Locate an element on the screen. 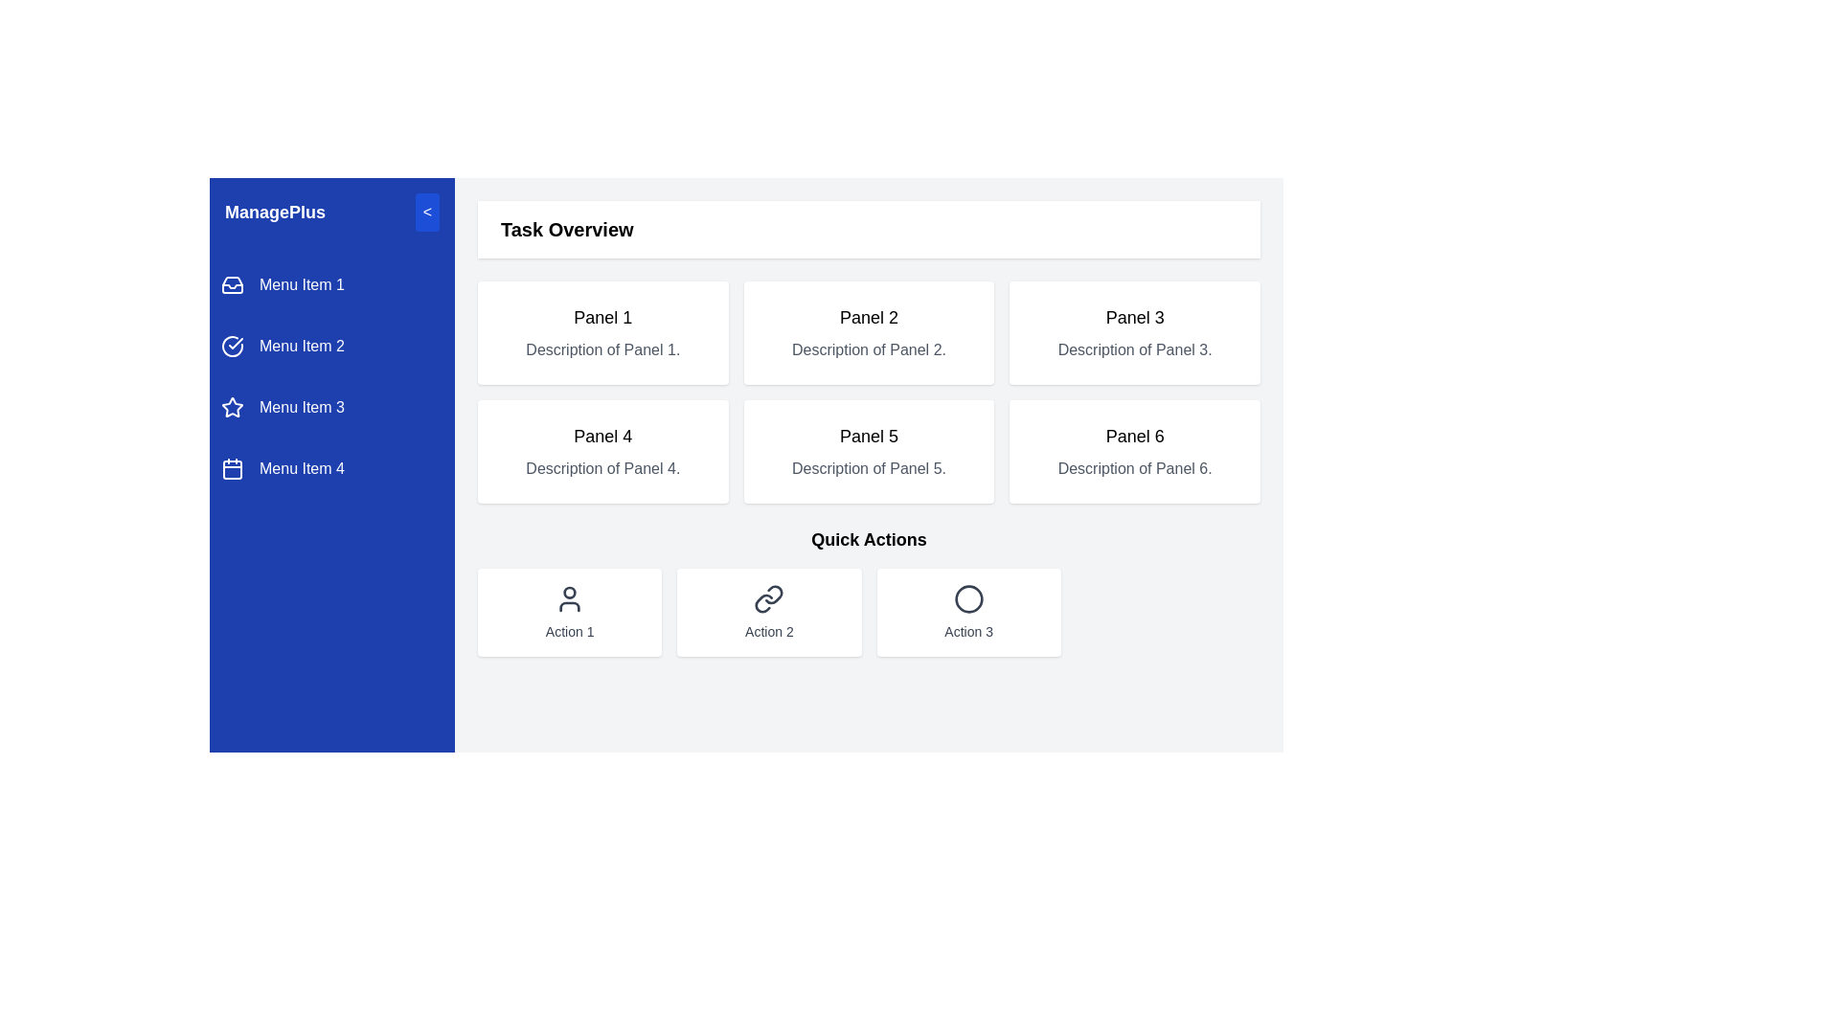  the interactive panel titled 'Panel 6' located in the bottom-right corner of the grid to interact with it is located at coordinates (1135, 451).